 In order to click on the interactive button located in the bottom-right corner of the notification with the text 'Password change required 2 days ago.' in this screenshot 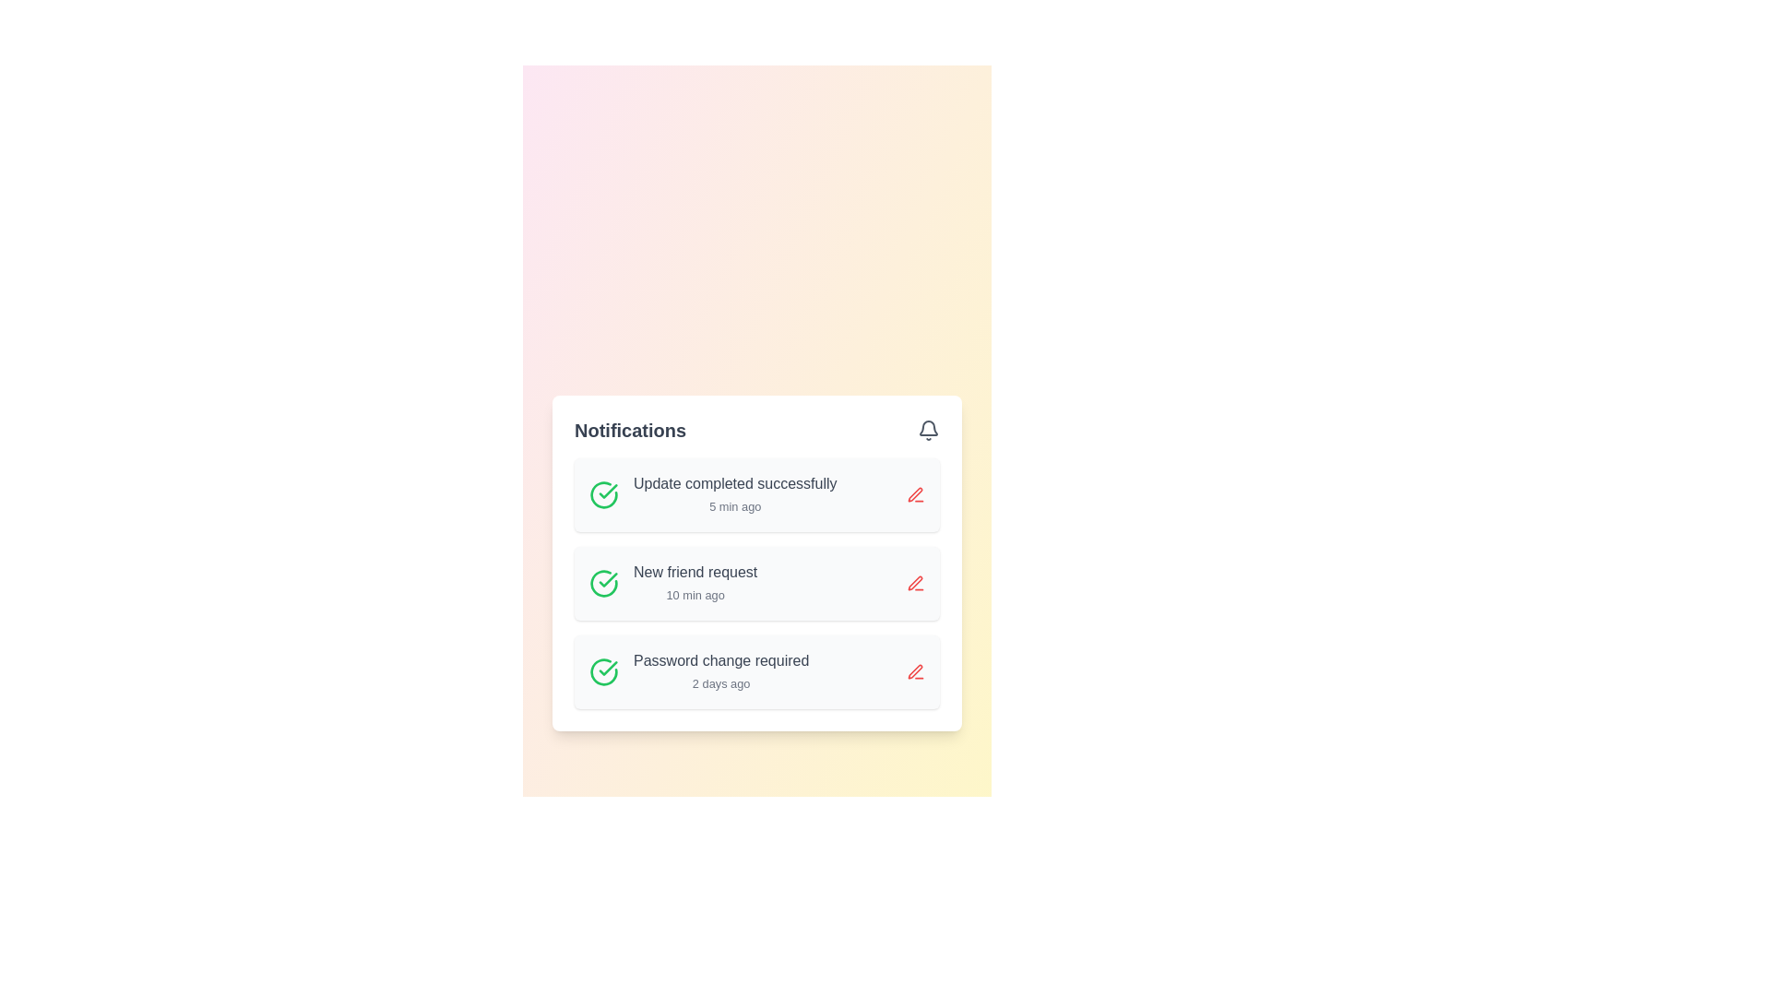, I will do `click(916, 672)`.